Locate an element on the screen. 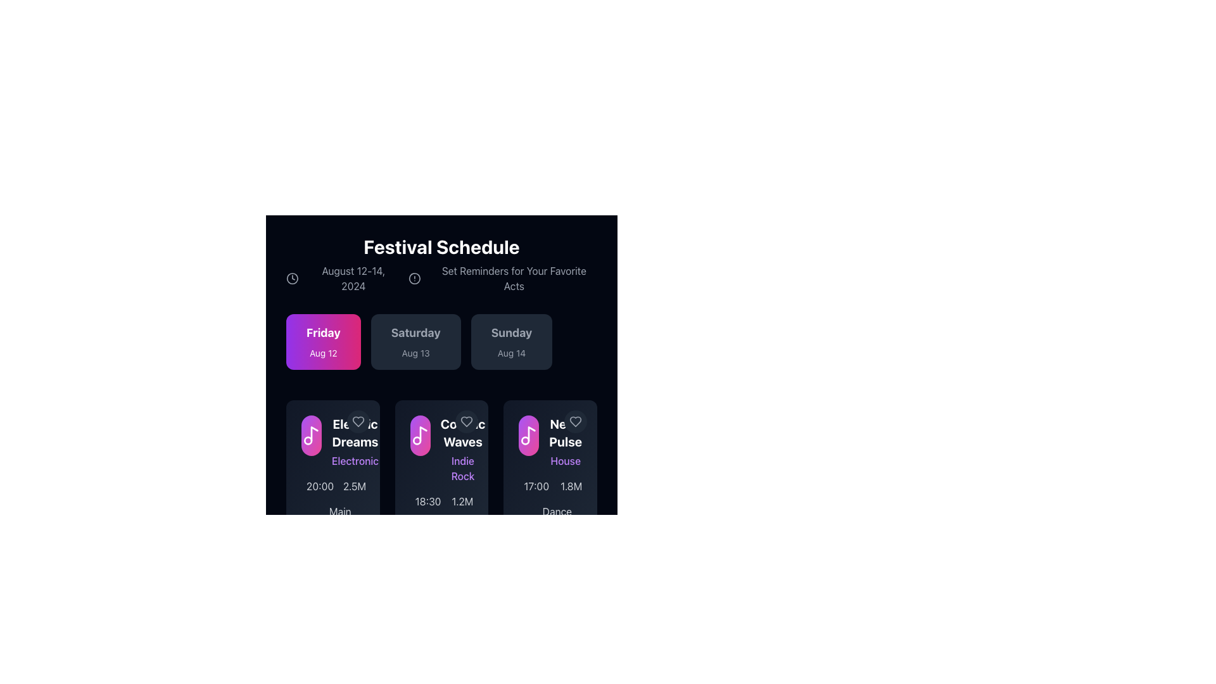 This screenshot has width=1216, height=684. the text label displaying '20:00' in light gray color, part of the schedule under the card titled 'Electronic Dreams' is located at coordinates (320, 485).